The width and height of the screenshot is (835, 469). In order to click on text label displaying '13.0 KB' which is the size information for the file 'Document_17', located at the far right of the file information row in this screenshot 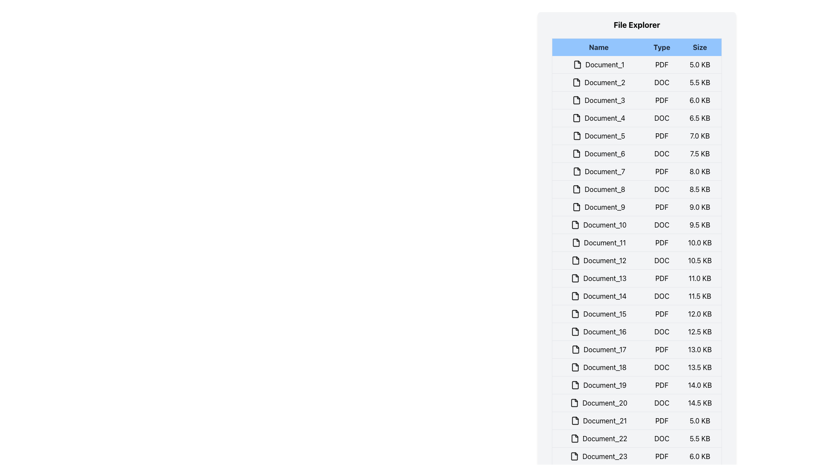, I will do `click(700, 349)`.